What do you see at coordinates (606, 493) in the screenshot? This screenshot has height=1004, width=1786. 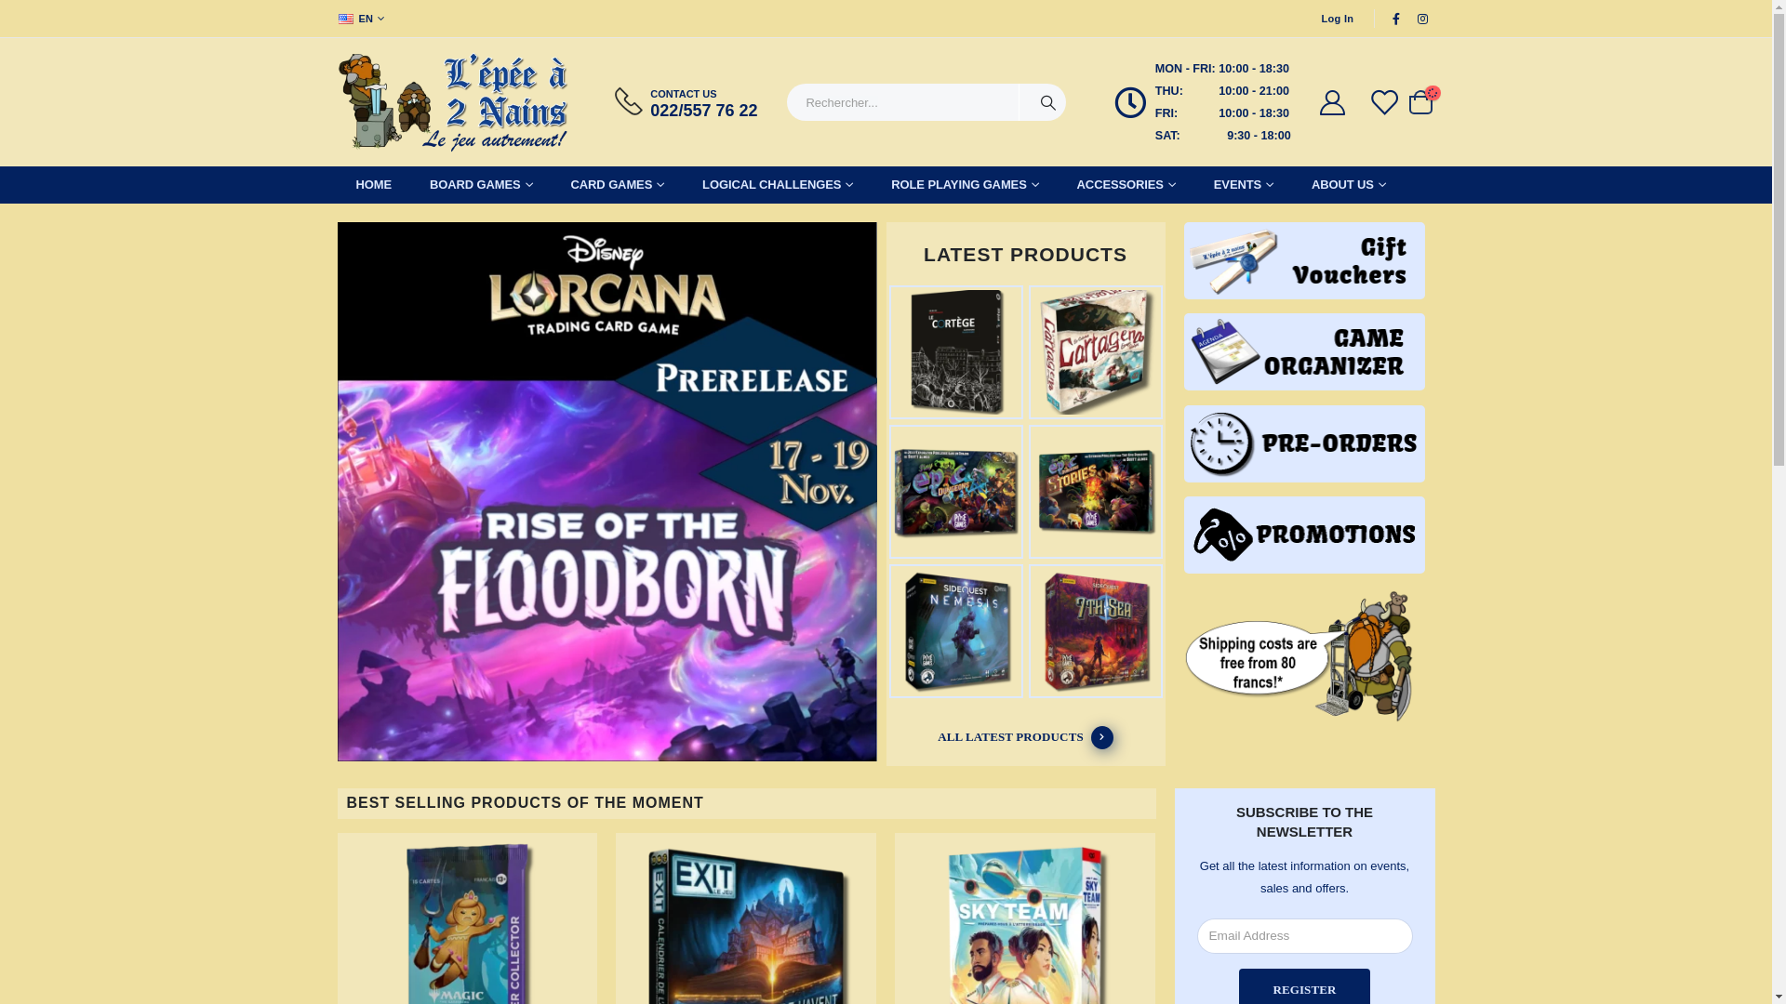 I see `'Lorcana Pre-release'` at bounding box center [606, 493].